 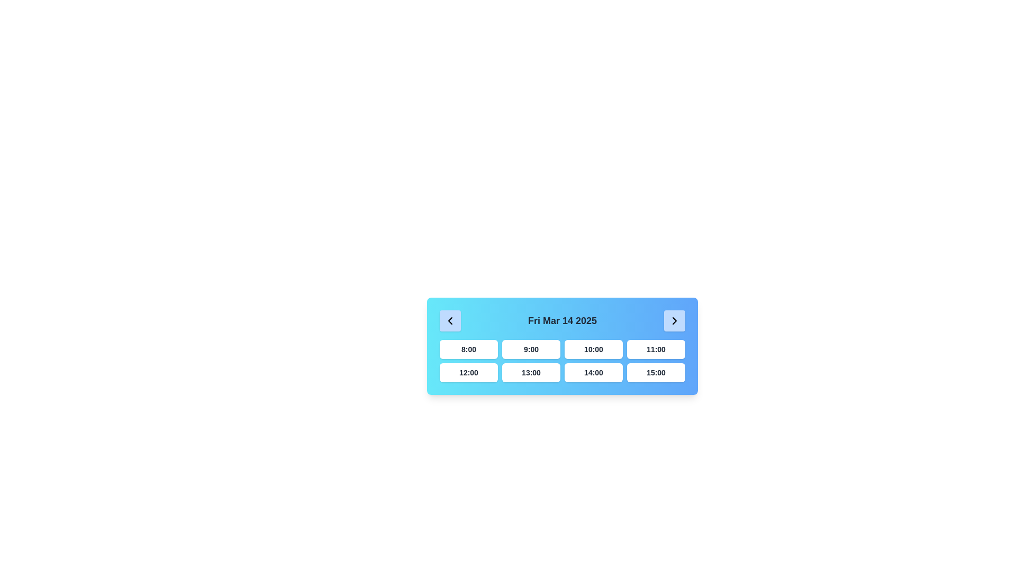 I want to click on the left-pointing chevron icon embedded within the light blue rounded rectangular button, so click(x=450, y=320).